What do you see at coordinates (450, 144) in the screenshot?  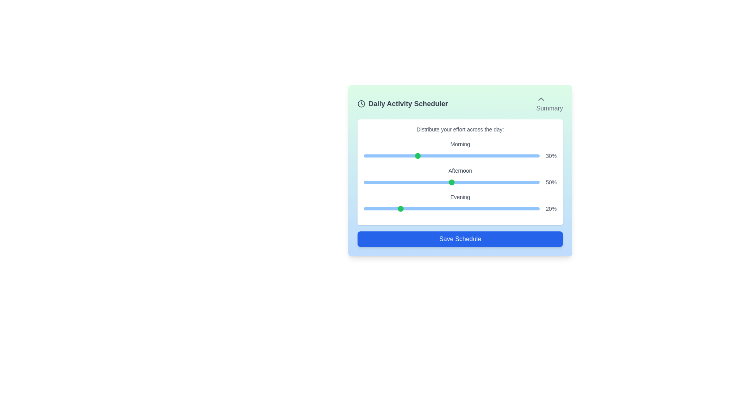 I see `the 'Morning' slider label to select it` at bounding box center [450, 144].